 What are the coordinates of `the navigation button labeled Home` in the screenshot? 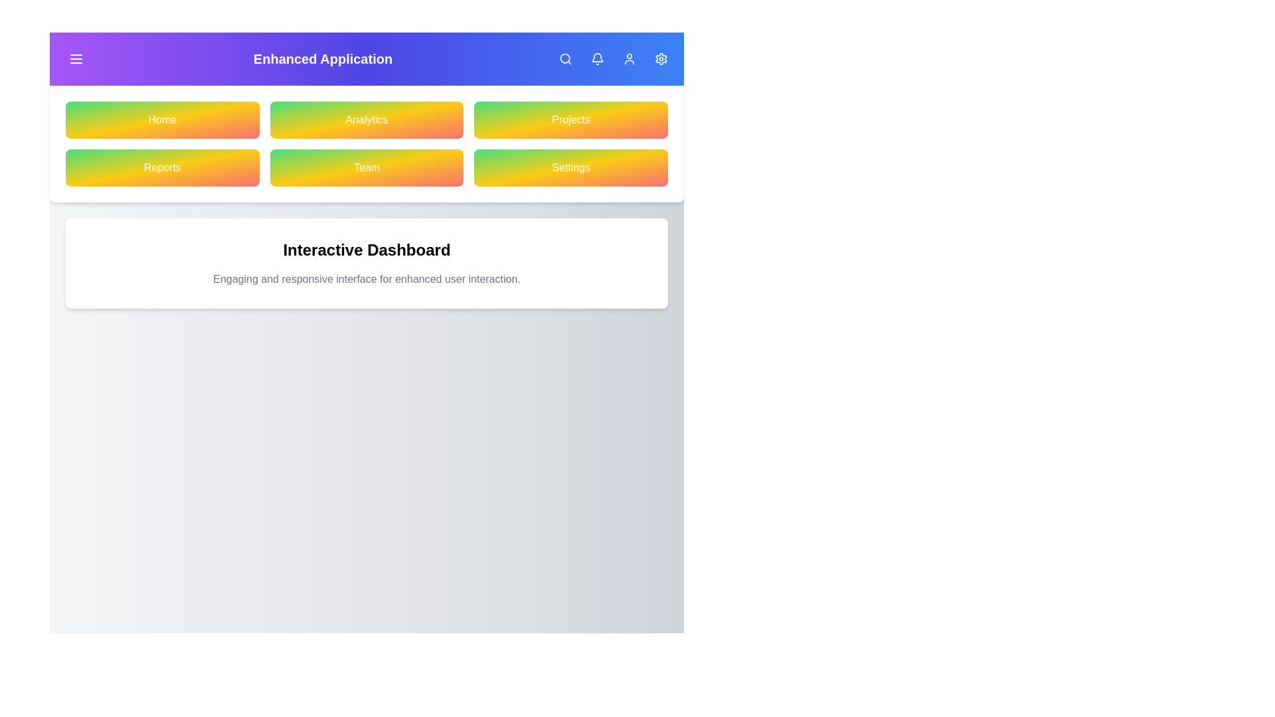 It's located at (161, 120).